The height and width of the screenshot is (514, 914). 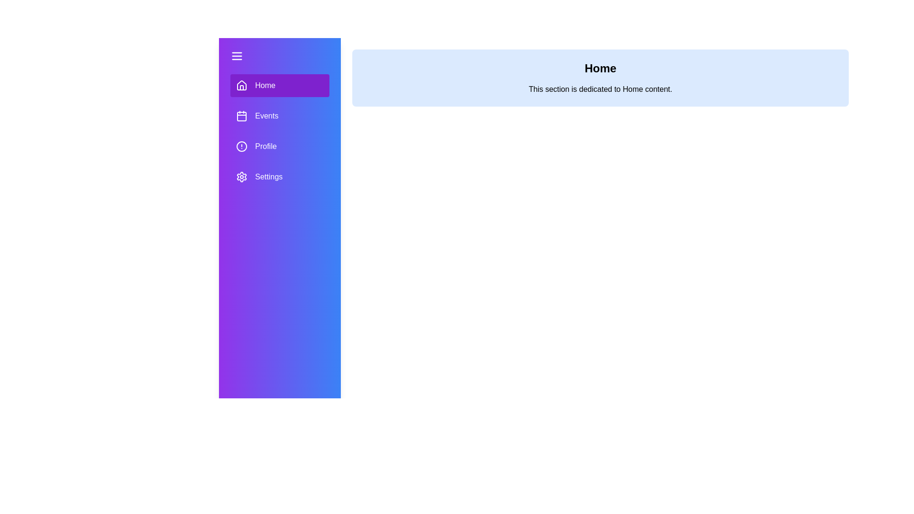 What do you see at coordinates (268, 177) in the screenshot?
I see `the 'Settings' text label in the sidebar navigation` at bounding box center [268, 177].